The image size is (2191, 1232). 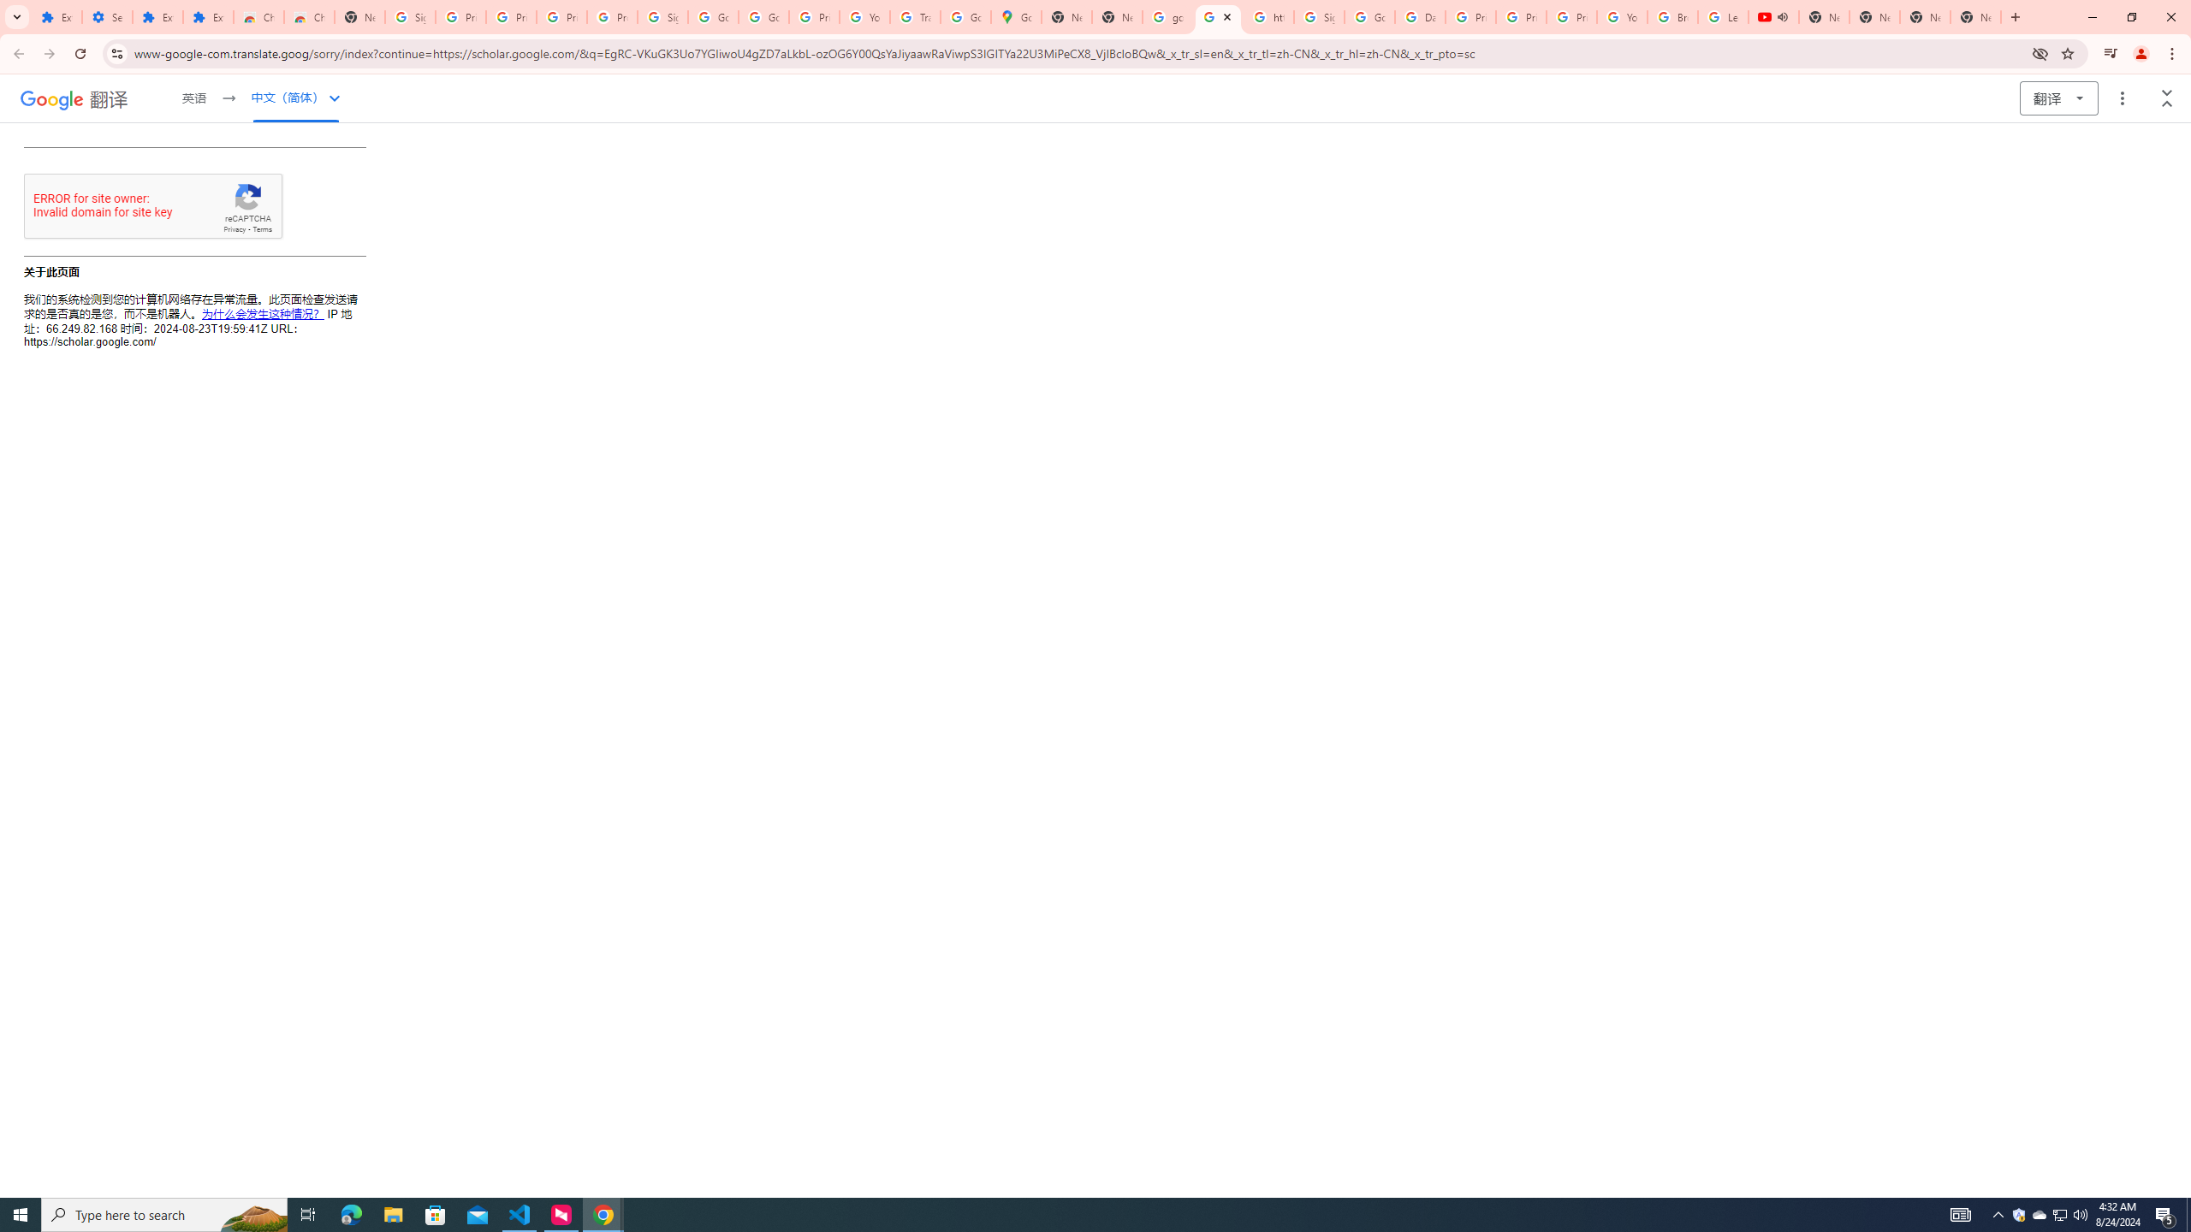 What do you see at coordinates (207, 16) in the screenshot?
I see `'Extensions'` at bounding box center [207, 16].